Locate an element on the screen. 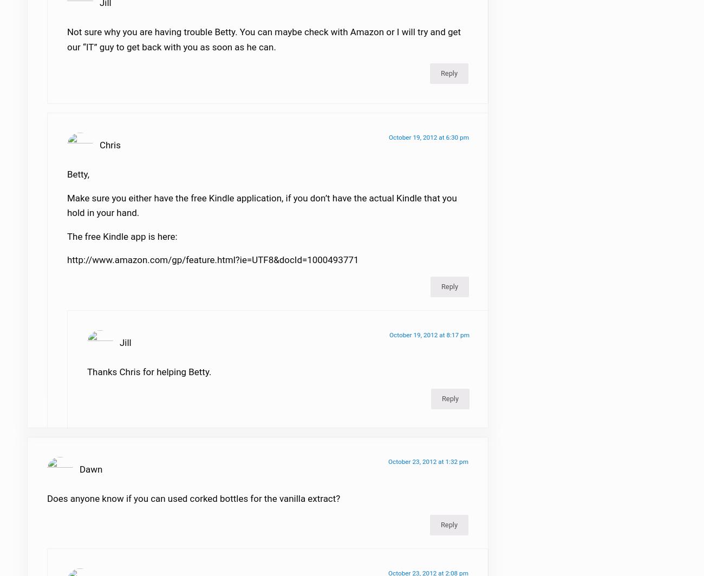  'Betty,' is located at coordinates (77, 180).